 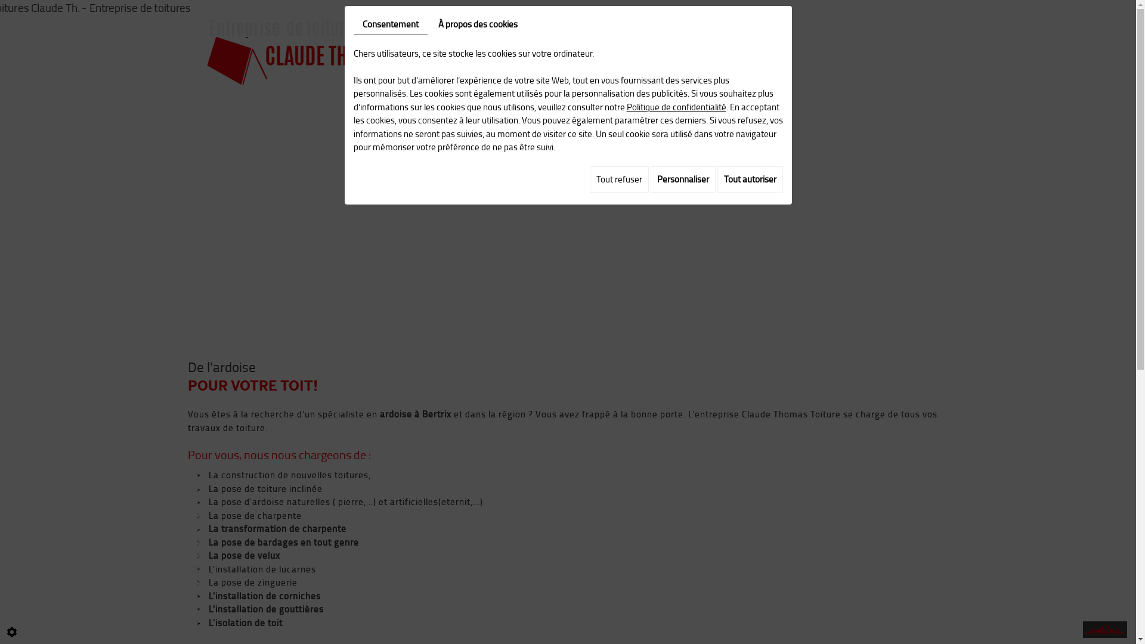 I want to click on 'Personnaliser', so click(x=682, y=179).